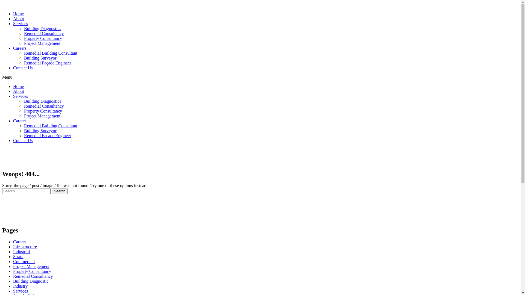 This screenshot has height=295, width=525. Describe the element at coordinates (20, 120) in the screenshot. I see `'Careers'` at that location.